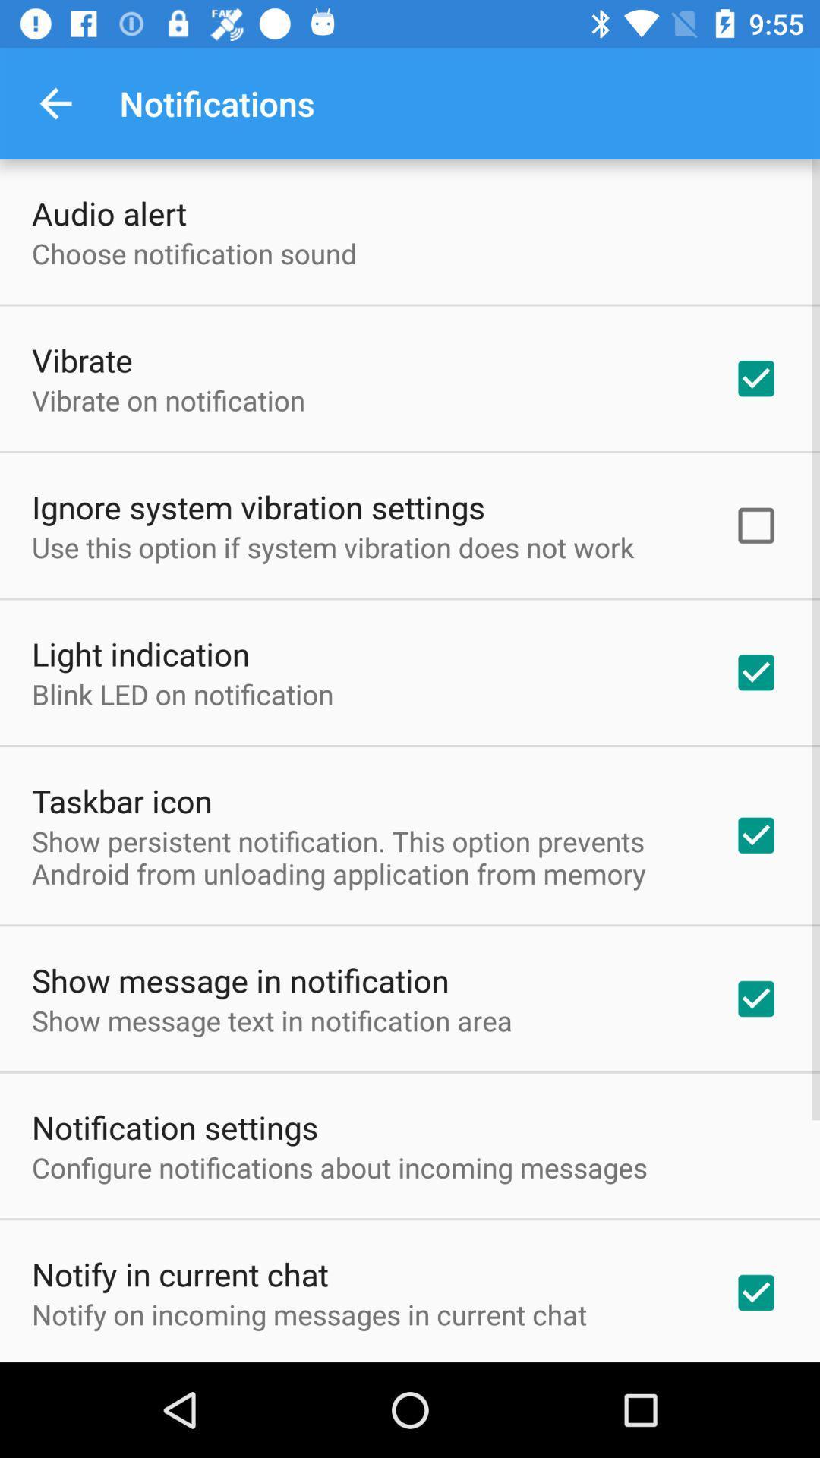 This screenshot has width=820, height=1458. Describe the element at coordinates (140, 653) in the screenshot. I see `the icon above blink led on icon` at that location.